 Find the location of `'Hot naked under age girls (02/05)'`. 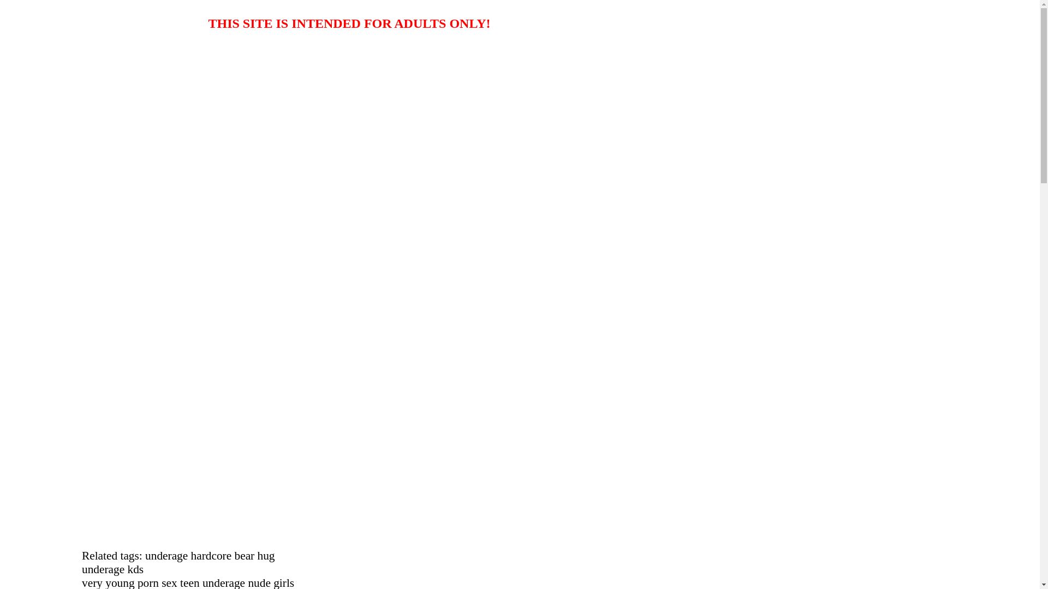

'Hot naked under age girls (02/05)' is located at coordinates (47, 243).